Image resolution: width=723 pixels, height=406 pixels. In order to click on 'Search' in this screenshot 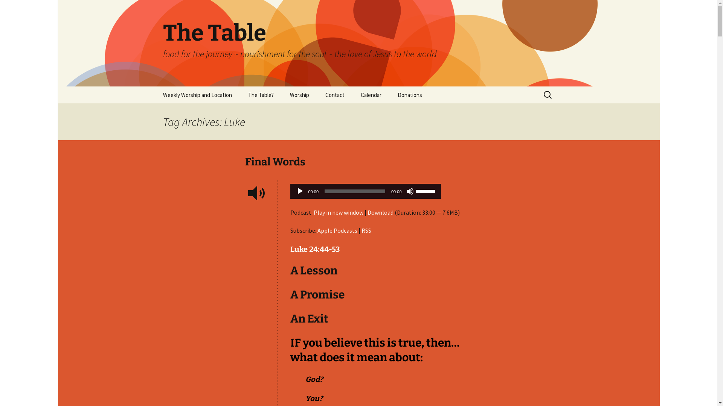, I will do `click(17, 8)`.